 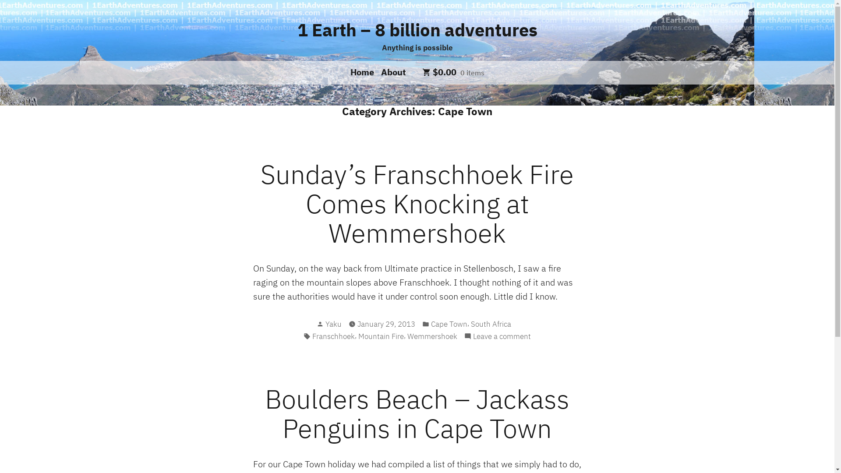 What do you see at coordinates (391, 71) in the screenshot?
I see `'About'` at bounding box center [391, 71].